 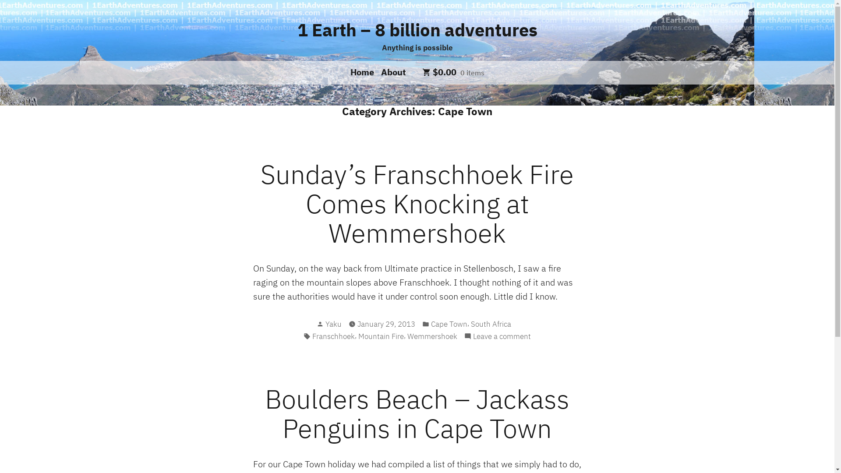 What do you see at coordinates (391, 71) in the screenshot?
I see `'About'` at bounding box center [391, 71].